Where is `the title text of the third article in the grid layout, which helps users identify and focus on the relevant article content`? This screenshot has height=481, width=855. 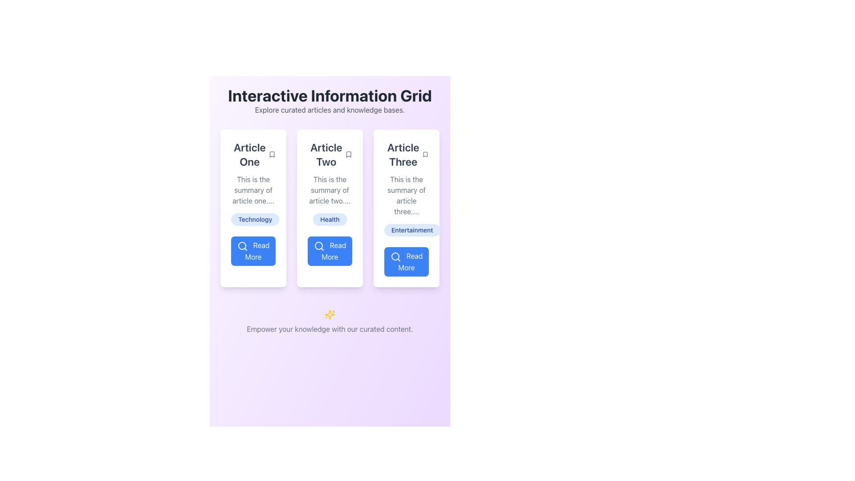
the title text of the third article in the grid layout, which helps users identify and focus on the relevant article content is located at coordinates (403, 154).